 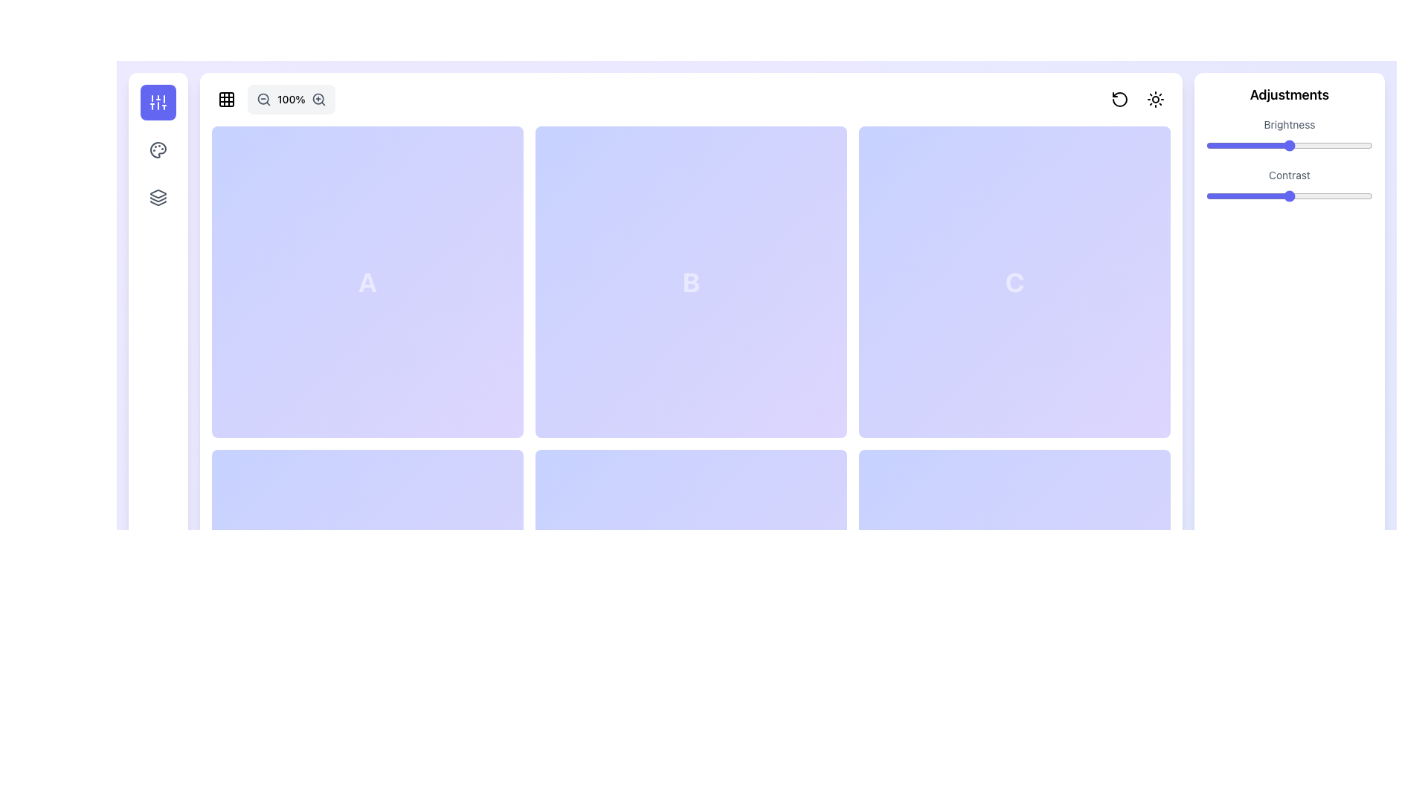 What do you see at coordinates (1288, 162) in the screenshot?
I see `the Control Panel with Sliders located in the Adjustments panel` at bounding box center [1288, 162].